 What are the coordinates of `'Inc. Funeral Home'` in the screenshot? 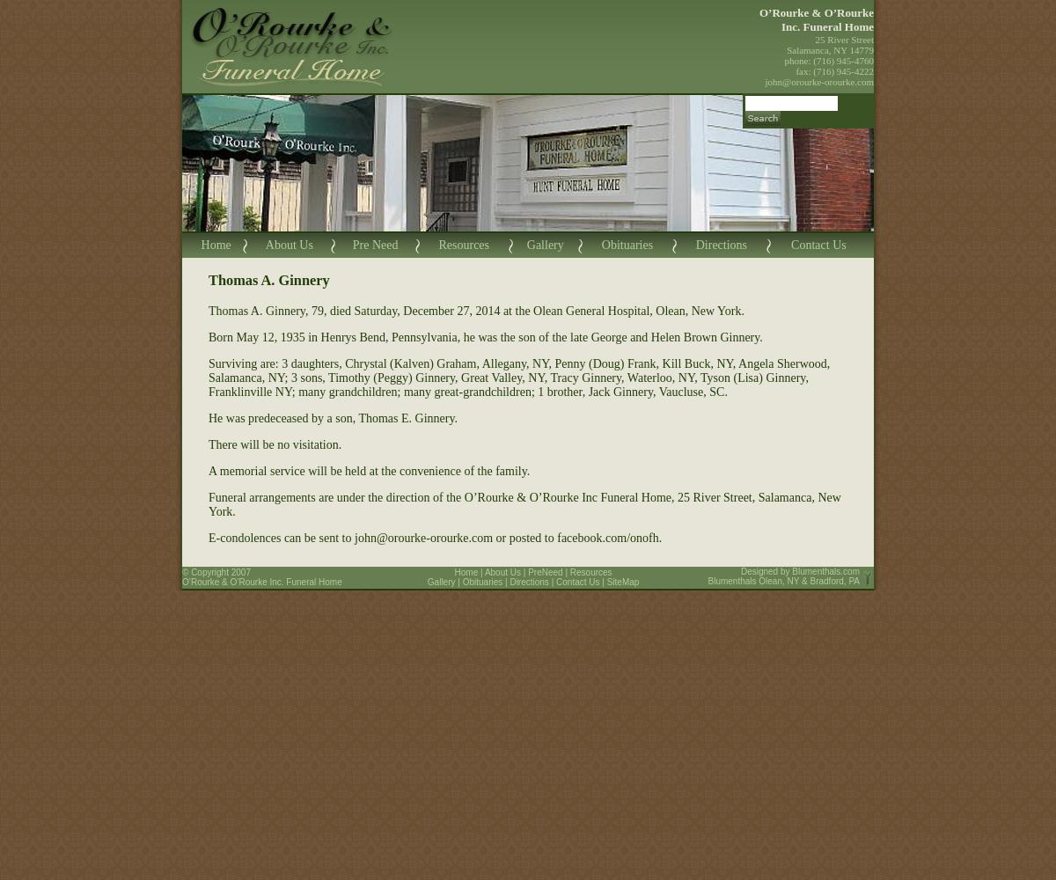 It's located at (780, 26).